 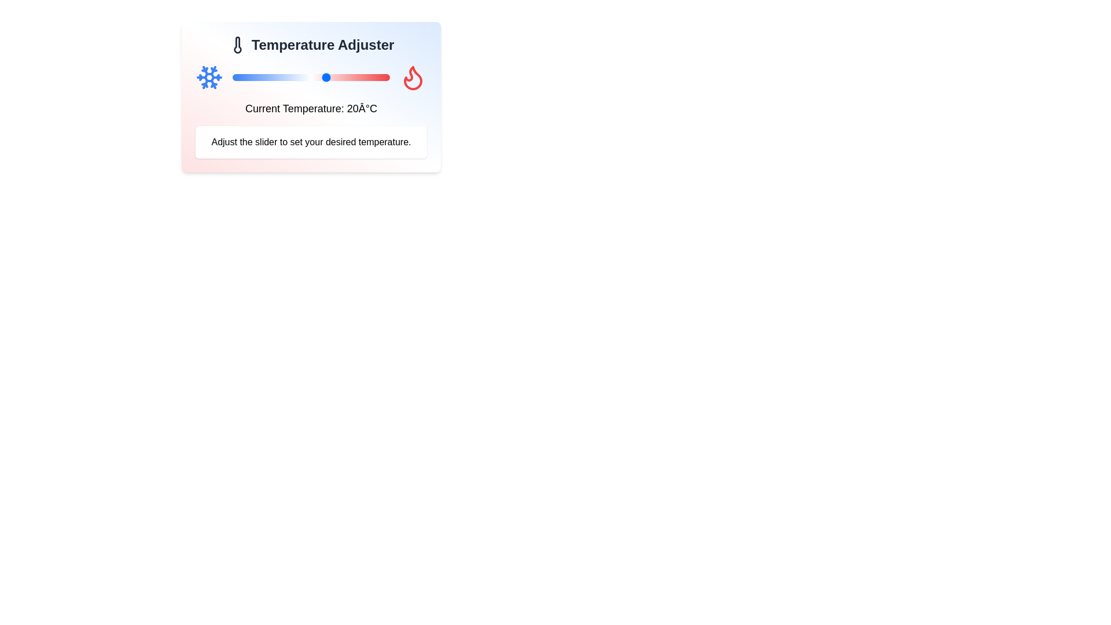 What do you see at coordinates (326, 78) in the screenshot?
I see `the slider to set the temperature to 20°C` at bounding box center [326, 78].